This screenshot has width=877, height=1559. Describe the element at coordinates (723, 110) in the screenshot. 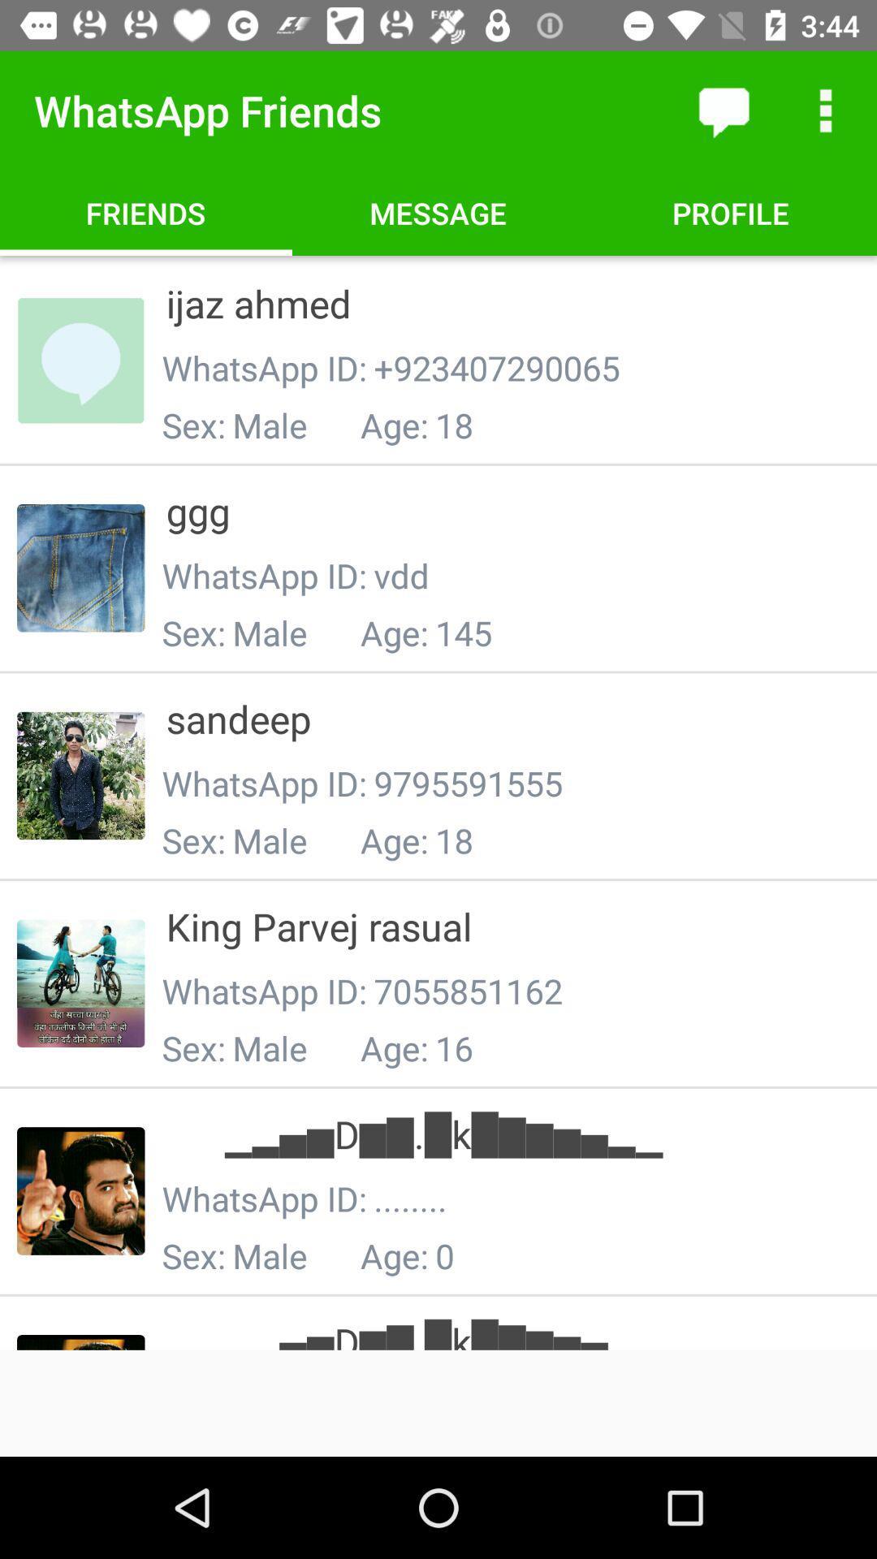

I see `the icon above profile icon` at that location.